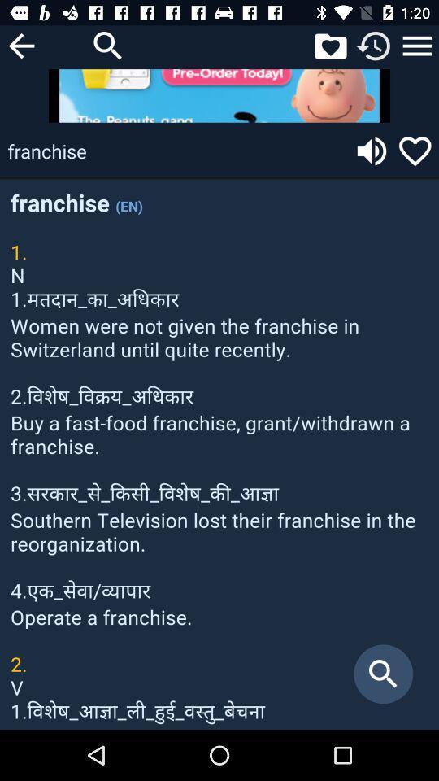  I want to click on advertisement we close it or view it, so click(219, 95).